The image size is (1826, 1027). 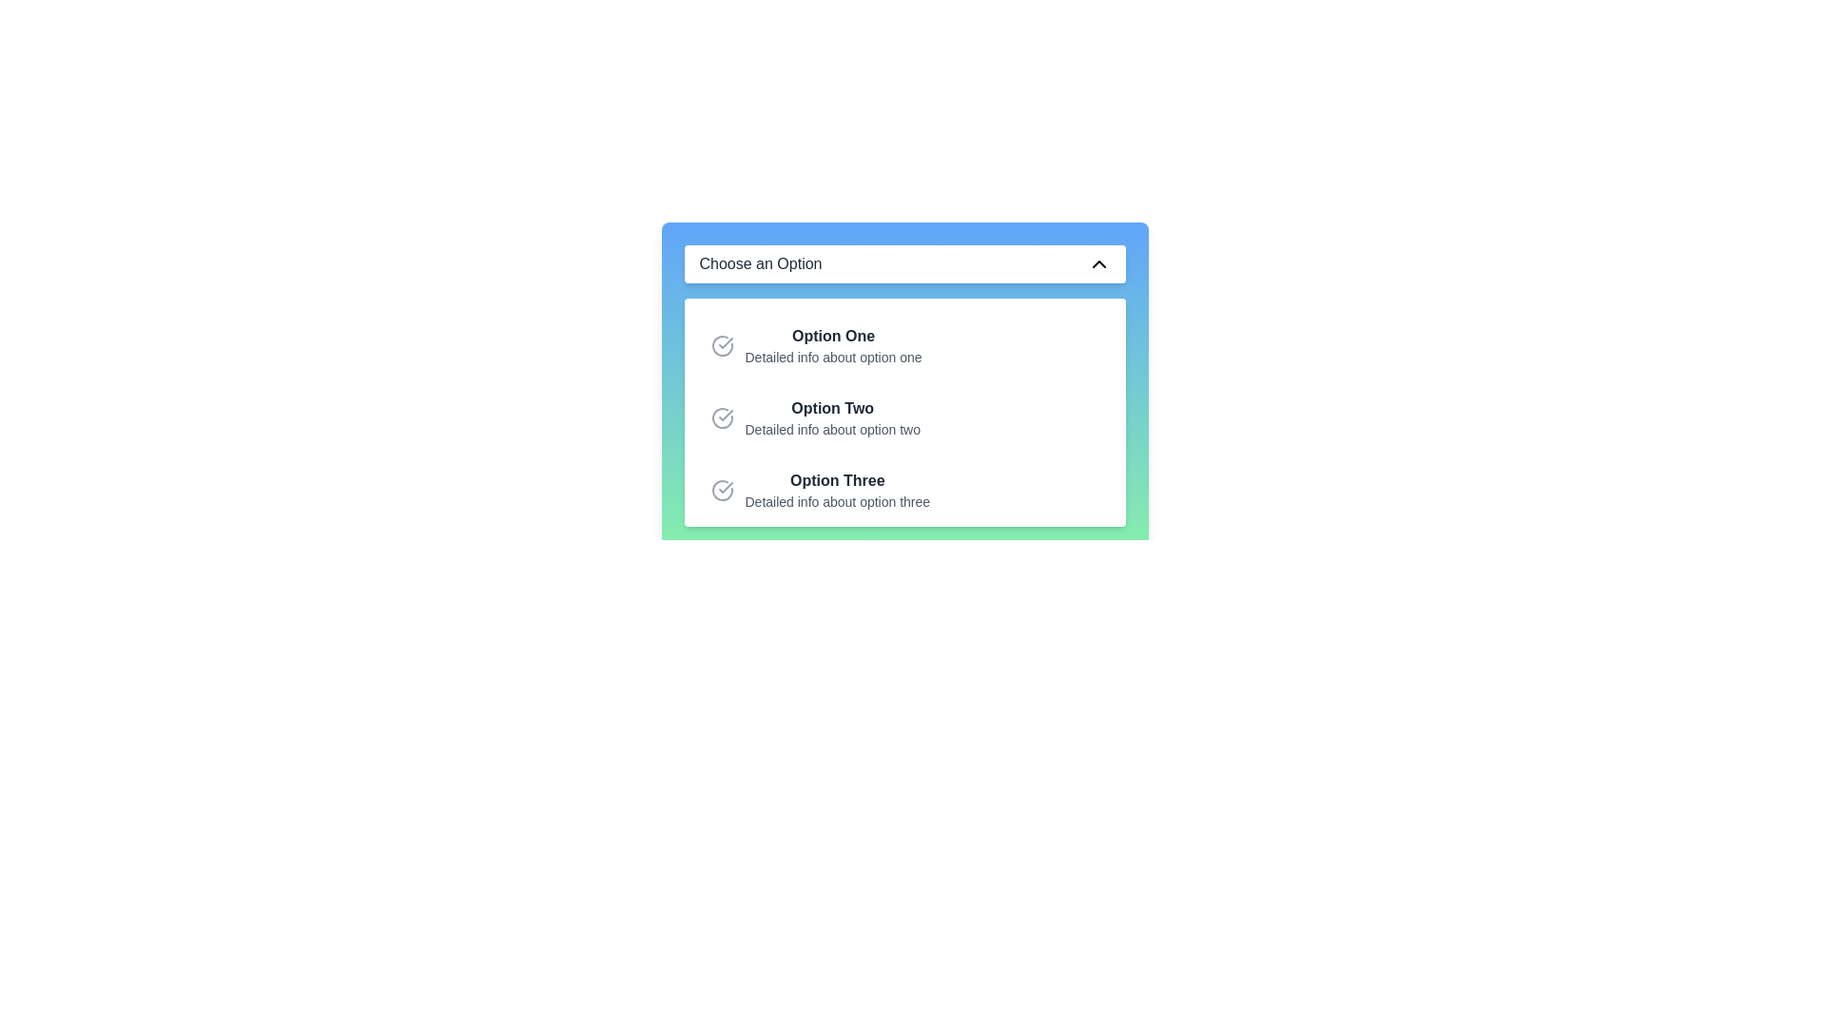 I want to click on the appearance of the circular checkmark icon located to the left of the text 'Option One', so click(x=721, y=345).